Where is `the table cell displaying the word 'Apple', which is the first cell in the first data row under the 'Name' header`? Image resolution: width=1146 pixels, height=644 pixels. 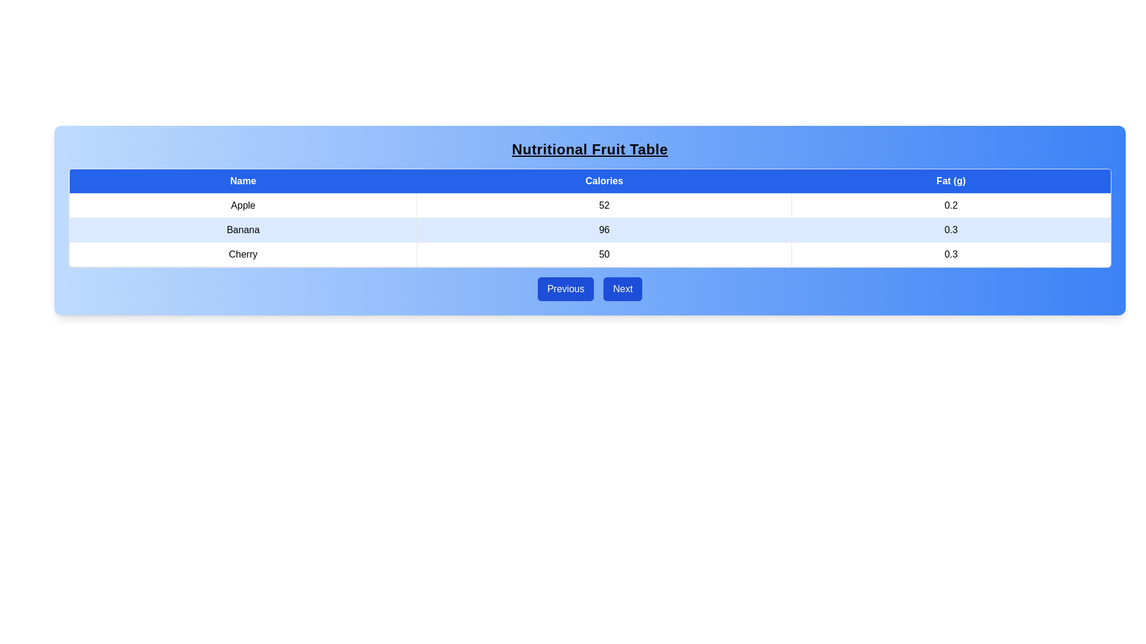
the table cell displaying the word 'Apple', which is the first cell in the first data row under the 'Name' header is located at coordinates (242, 205).